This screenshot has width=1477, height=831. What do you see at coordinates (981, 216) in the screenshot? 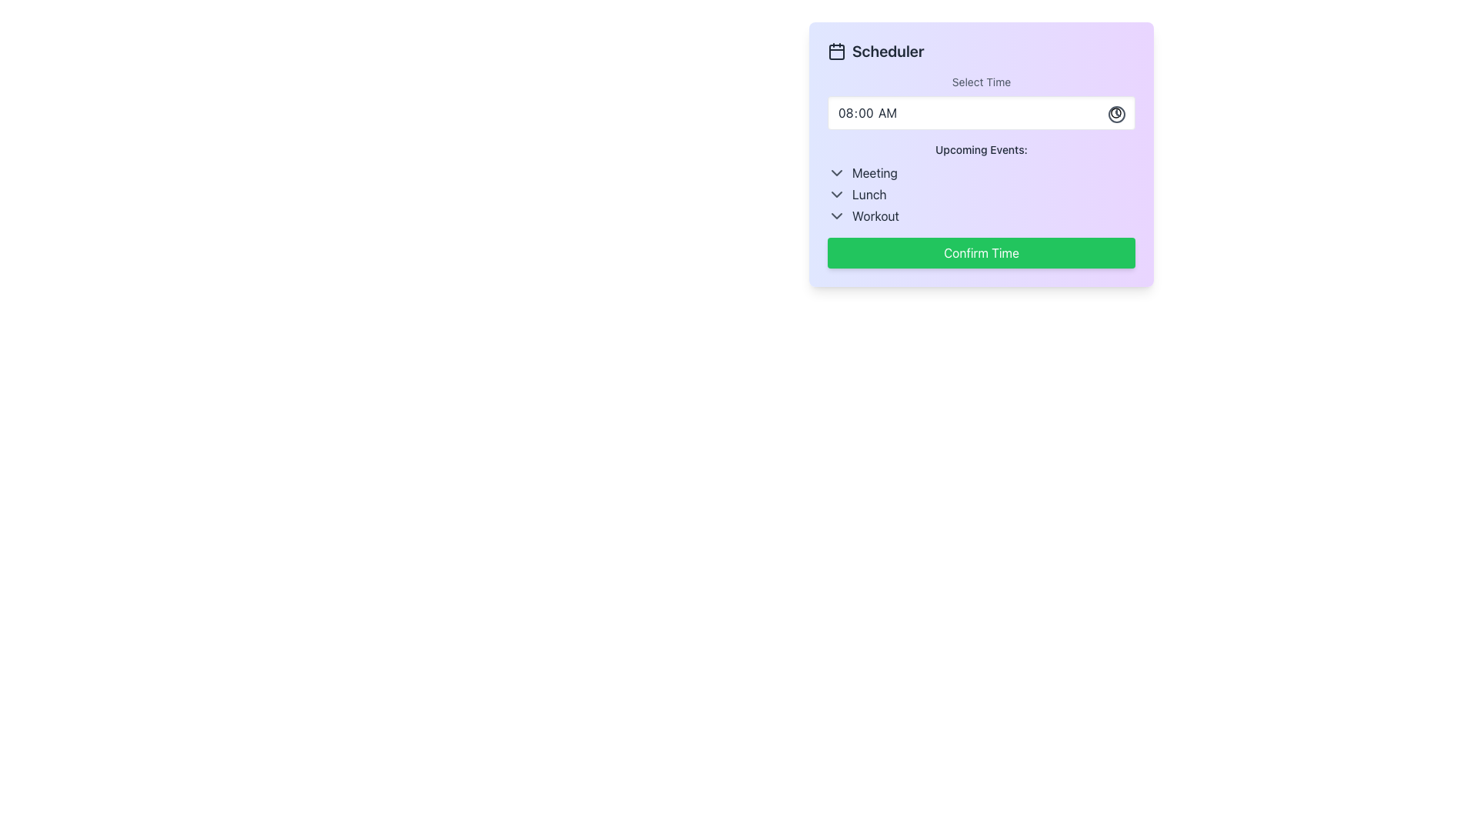
I see `the third List Item labeled 'Workout' in the scheduling interface` at bounding box center [981, 216].